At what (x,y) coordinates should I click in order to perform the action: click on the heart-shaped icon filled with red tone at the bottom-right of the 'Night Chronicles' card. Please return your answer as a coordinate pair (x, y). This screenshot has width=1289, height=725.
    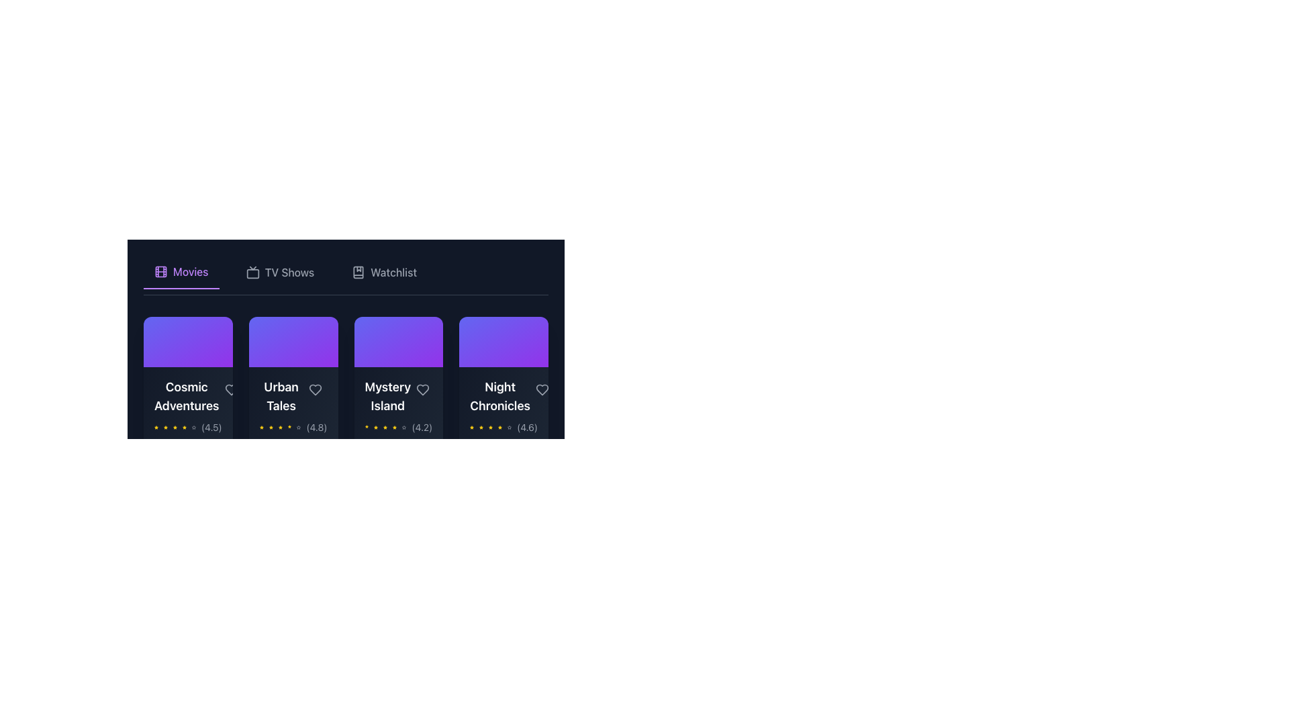
    Looking at the image, I should click on (542, 389).